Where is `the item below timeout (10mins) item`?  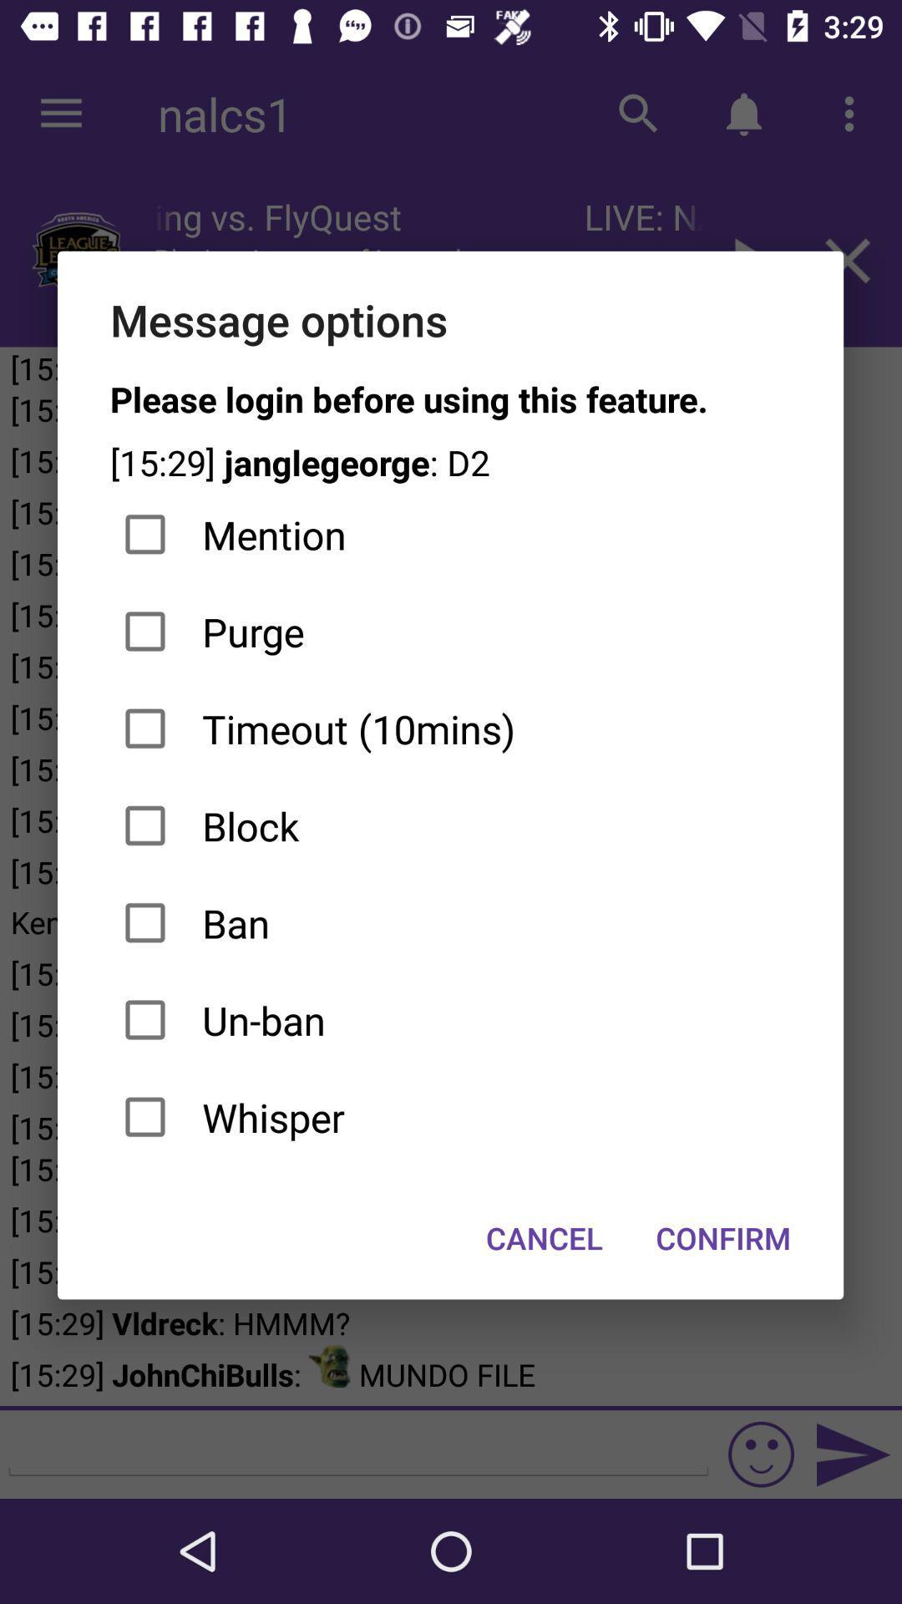 the item below timeout (10mins) item is located at coordinates (449, 825).